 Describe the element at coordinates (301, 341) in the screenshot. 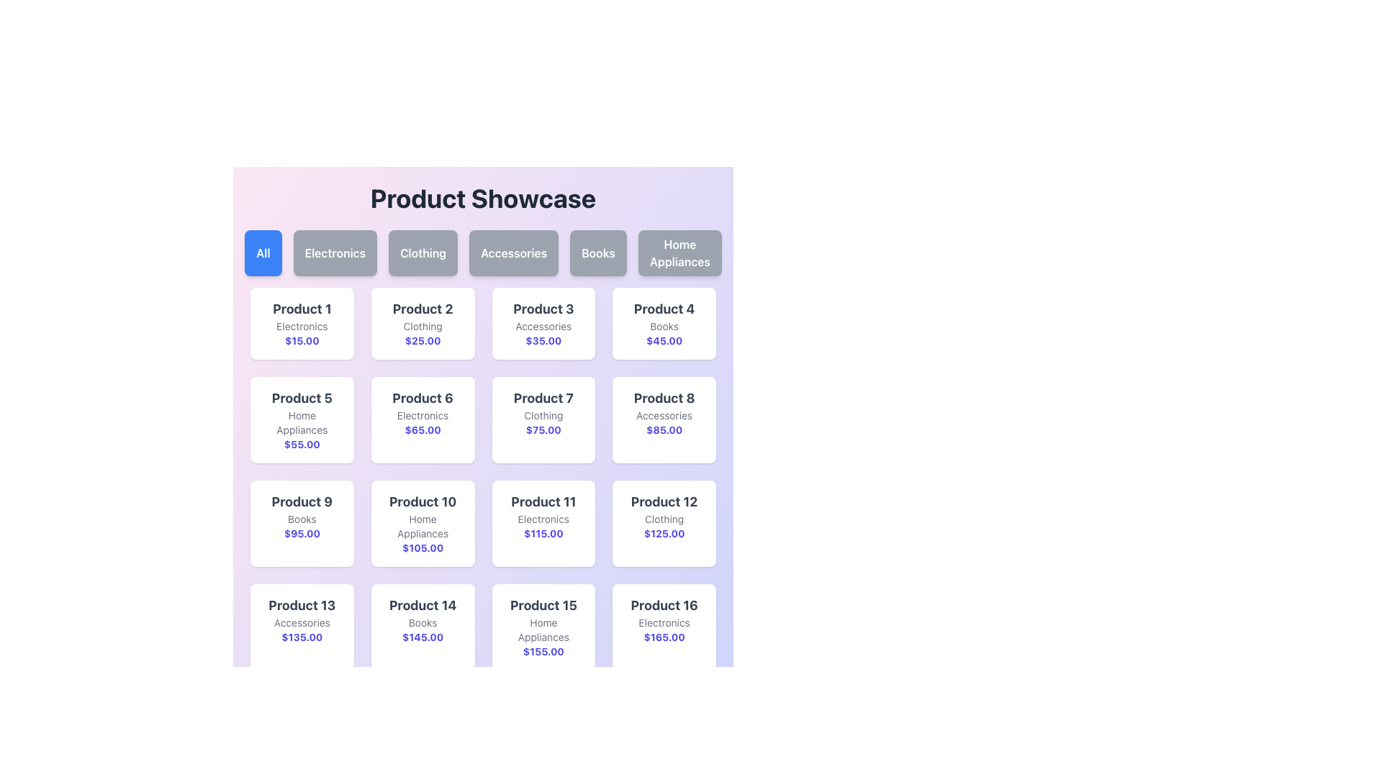

I see `price text displayed at the bottom of the first product card under 'Product 1' in the 'Electronics' category` at that location.